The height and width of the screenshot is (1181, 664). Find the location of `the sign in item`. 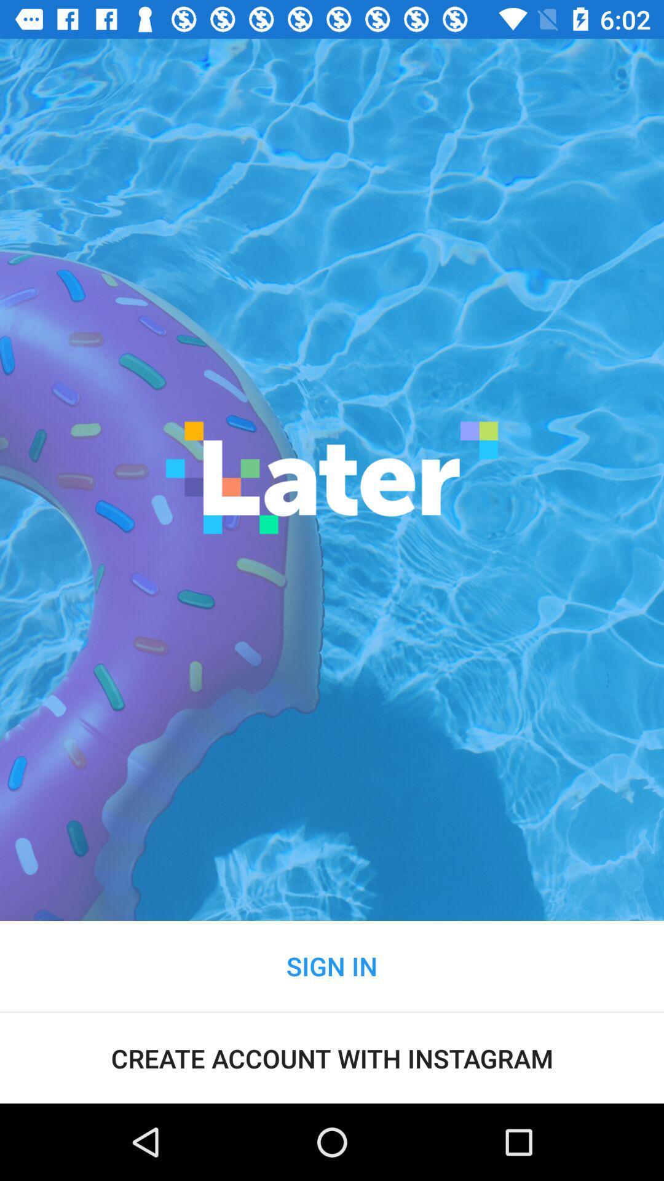

the sign in item is located at coordinates (332, 965).